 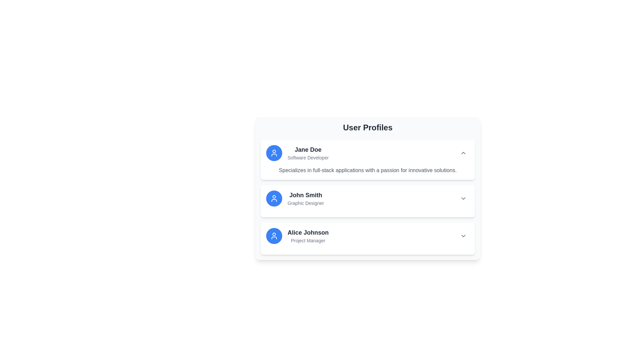 What do you see at coordinates (308, 149) in the screenshot?
I see `the text label displaying 'Jane Doe' in bold, dark text` at bounding box center [308, 149].